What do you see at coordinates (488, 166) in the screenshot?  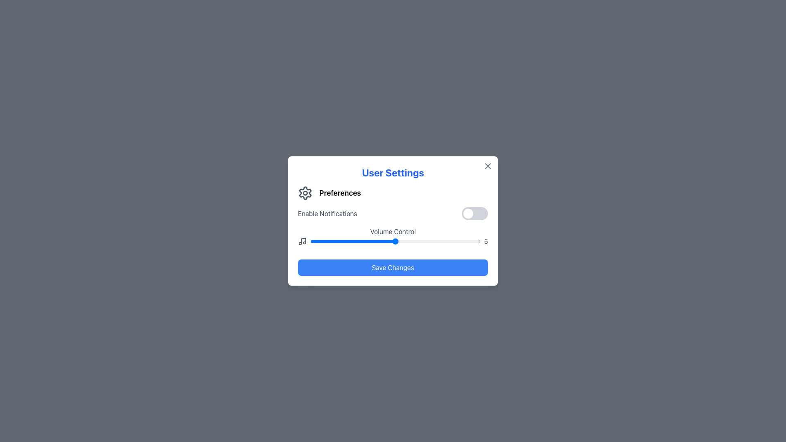 I see `the close button located in the top-right corner of the modal dialog box to change its color` at bounding box center [488, 166].